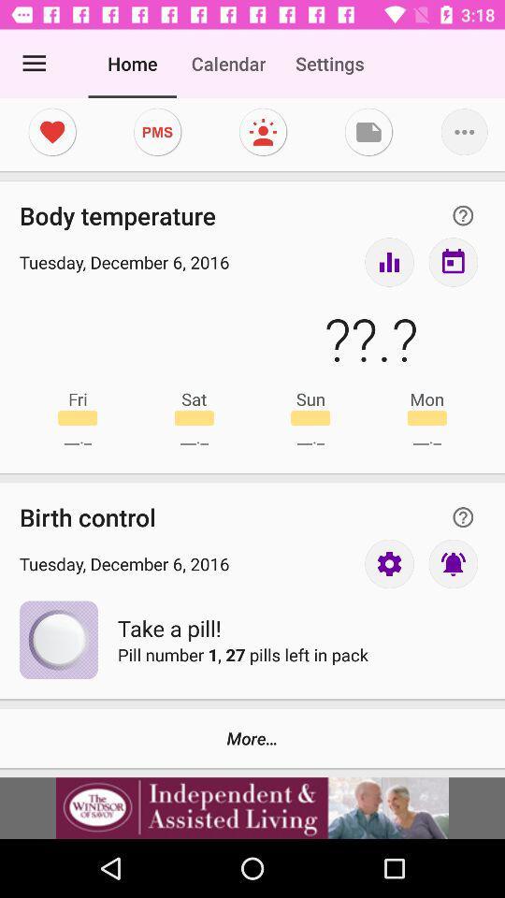 The width and height of the screenshot is (505, 898). Describe the element at coordinates (388, 261) in the screenshot. I see `level` at that location.